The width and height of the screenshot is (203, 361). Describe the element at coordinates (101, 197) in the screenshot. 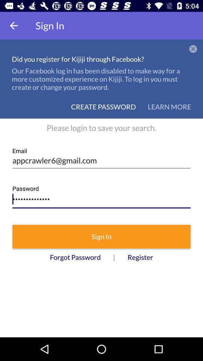

I see `the icon above sign in icon` at that location.